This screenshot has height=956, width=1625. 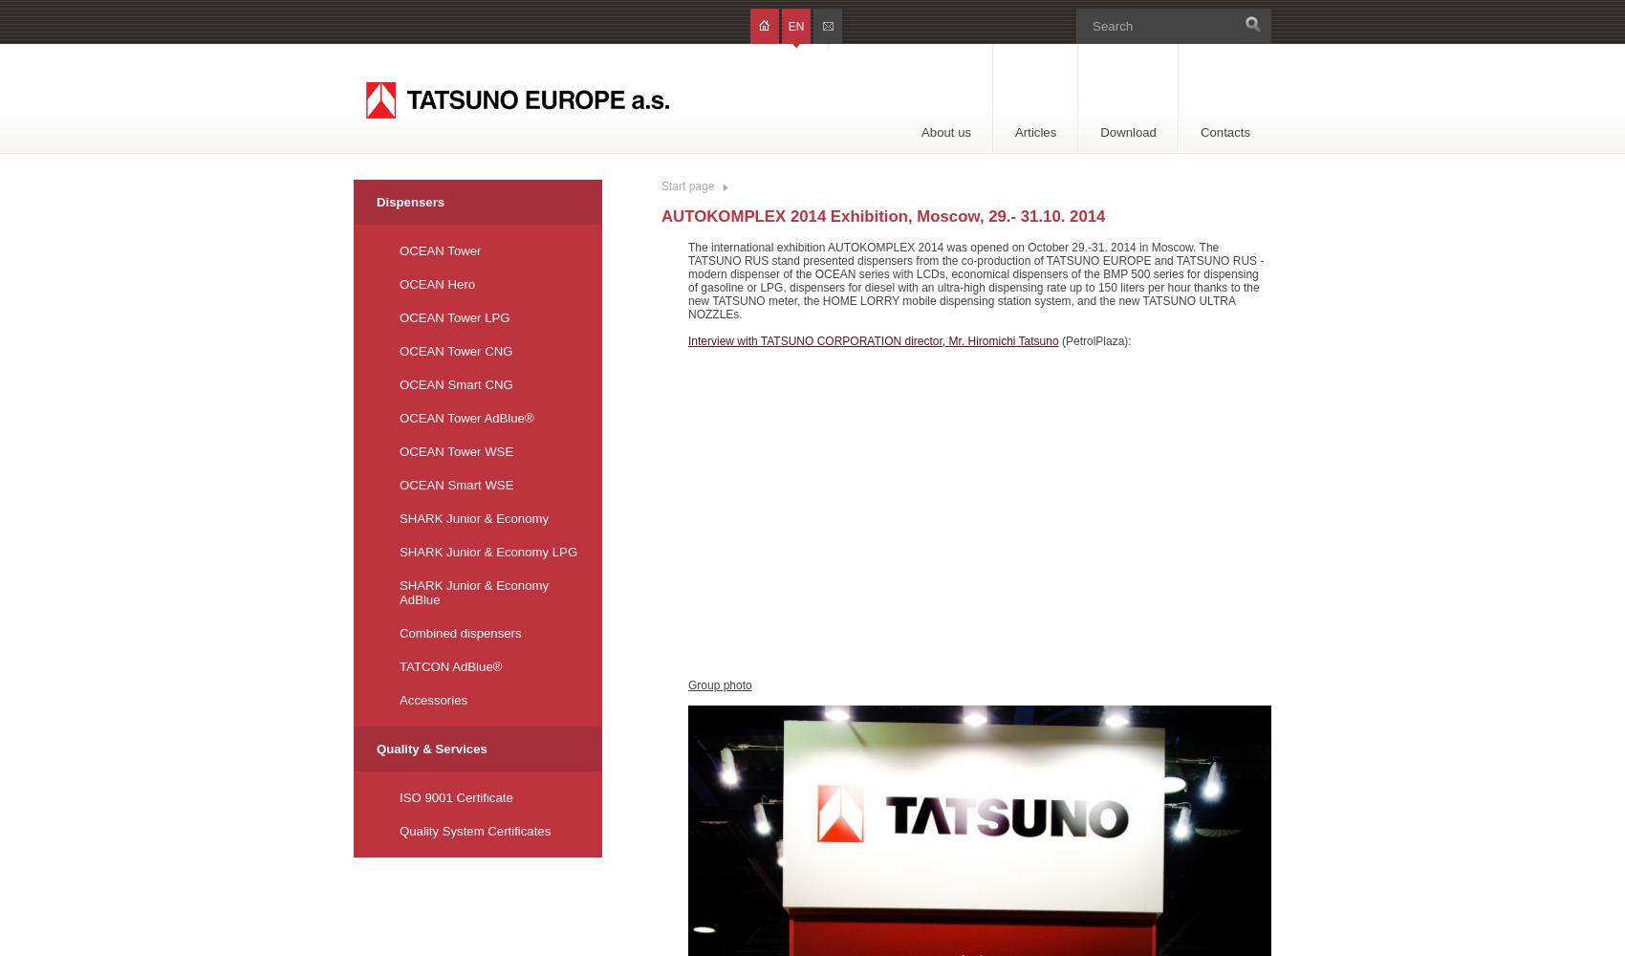 I want to click on 'Interview with TATSUNO CORPORATION director, Mr. Hiromichi Tatsuno', so click(x=873, y=340).